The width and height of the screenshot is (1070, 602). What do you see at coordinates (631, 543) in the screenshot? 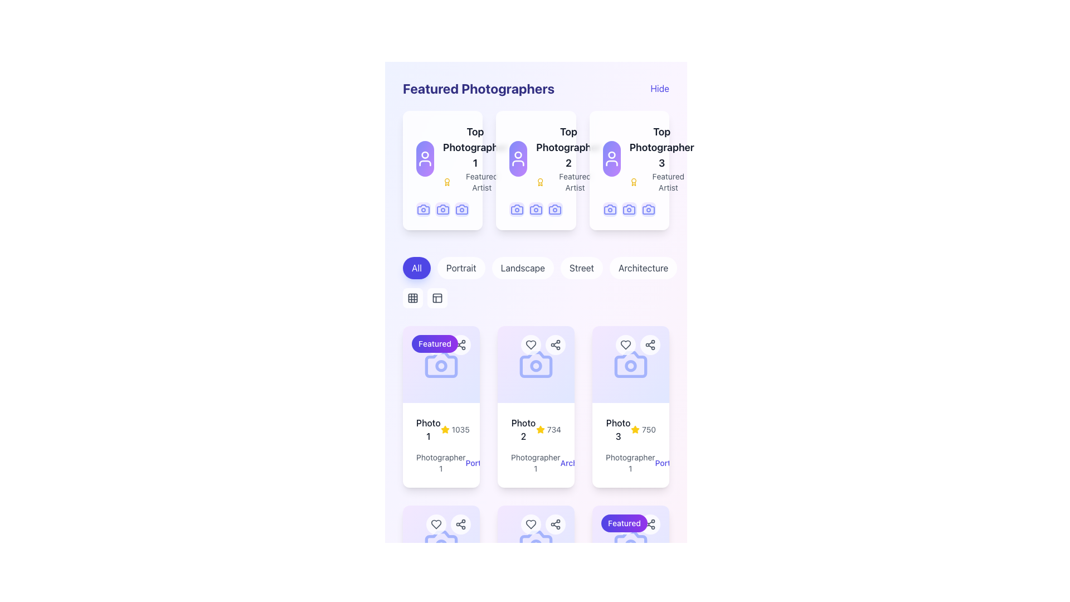
I see `the camera icon in the bottom row of the grid of cards, which is the first card immediately below the 'Featured' label` at bounding box center [631, 543].